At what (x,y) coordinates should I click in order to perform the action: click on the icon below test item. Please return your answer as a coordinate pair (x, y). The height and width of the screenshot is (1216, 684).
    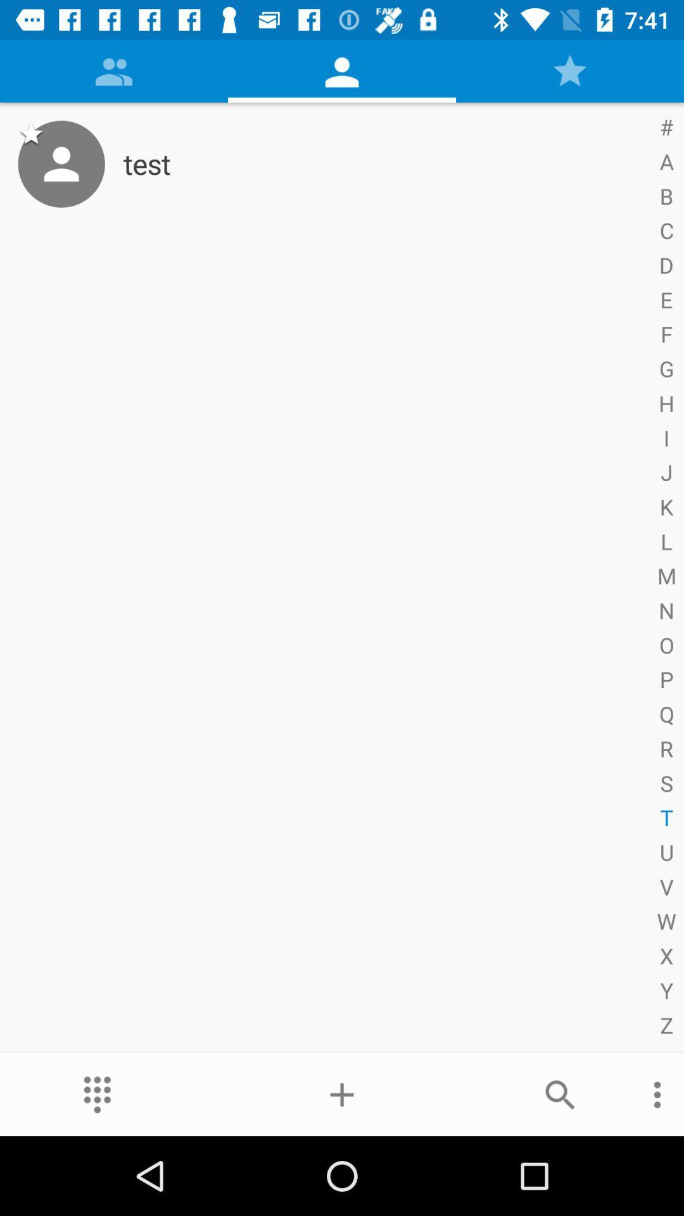
    Looking at the image, I should click on (342, 1094).